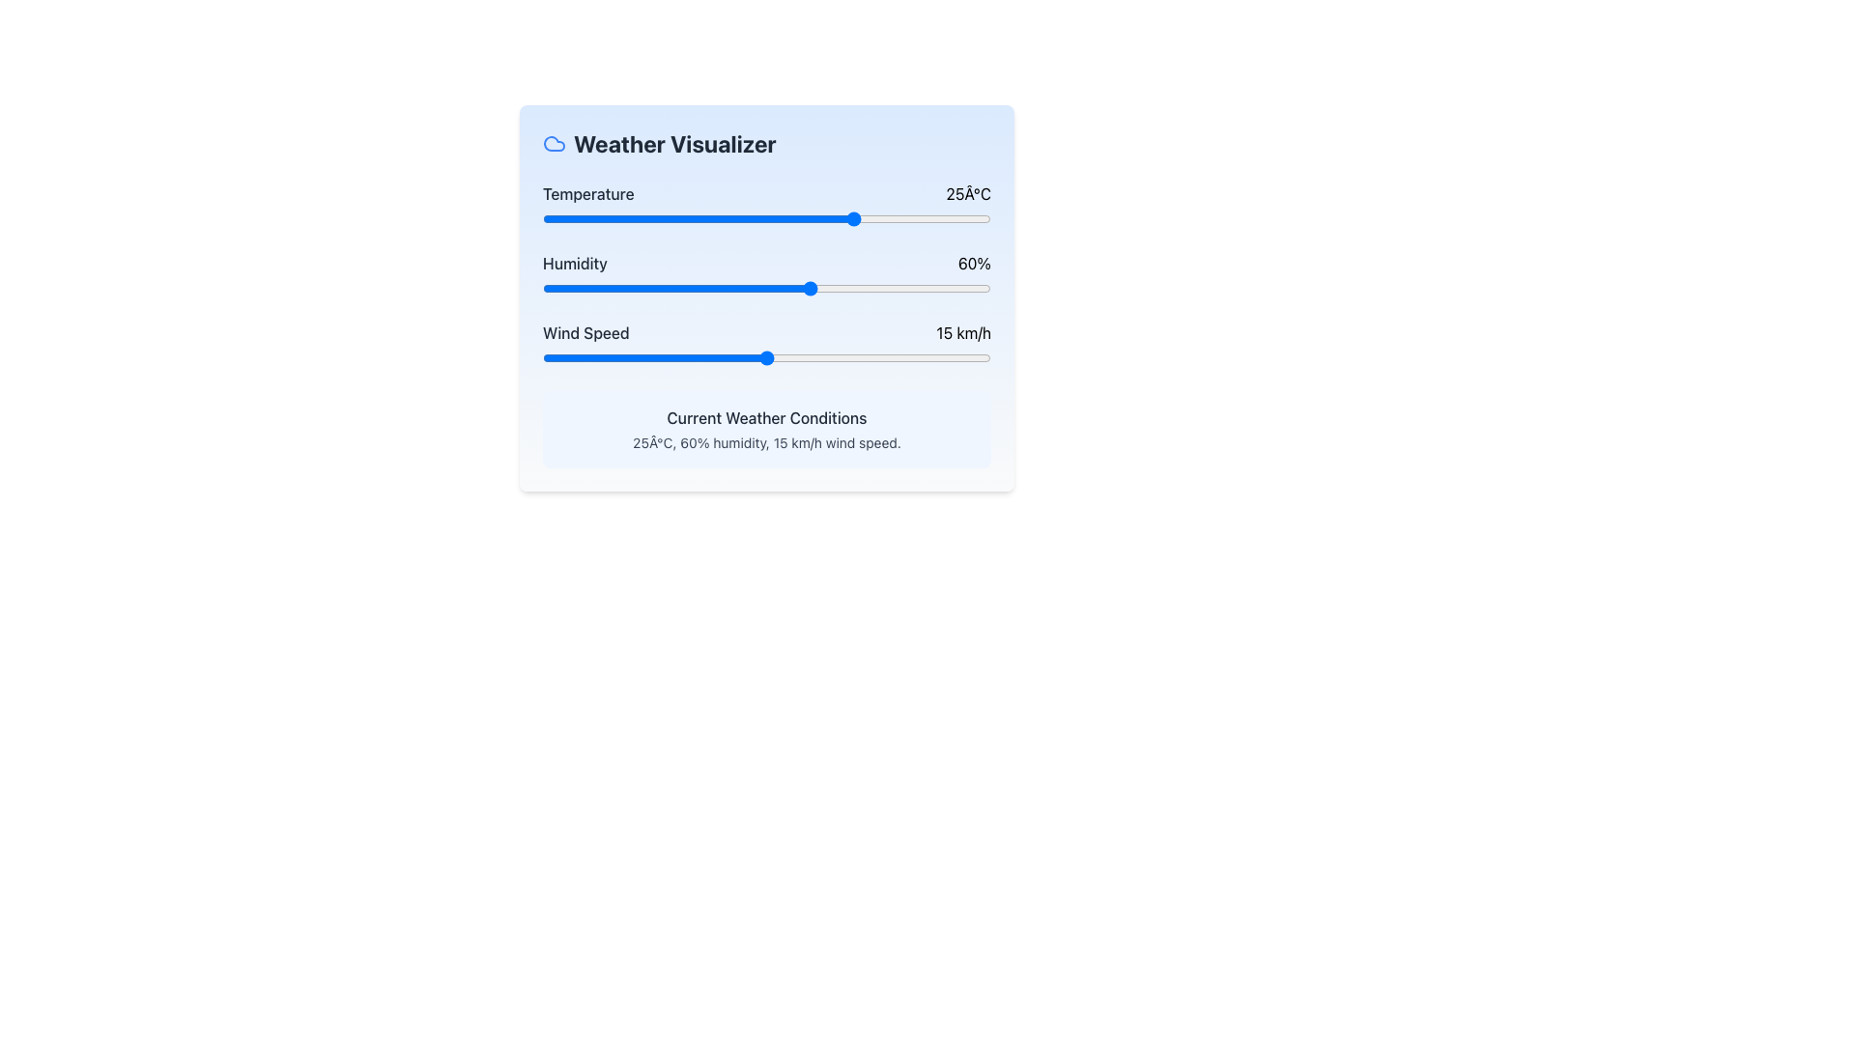 The image size is (1855, 1043). Describe the element at coordinates (556, 357) in the screenshot. I see `wind speed` at that location.